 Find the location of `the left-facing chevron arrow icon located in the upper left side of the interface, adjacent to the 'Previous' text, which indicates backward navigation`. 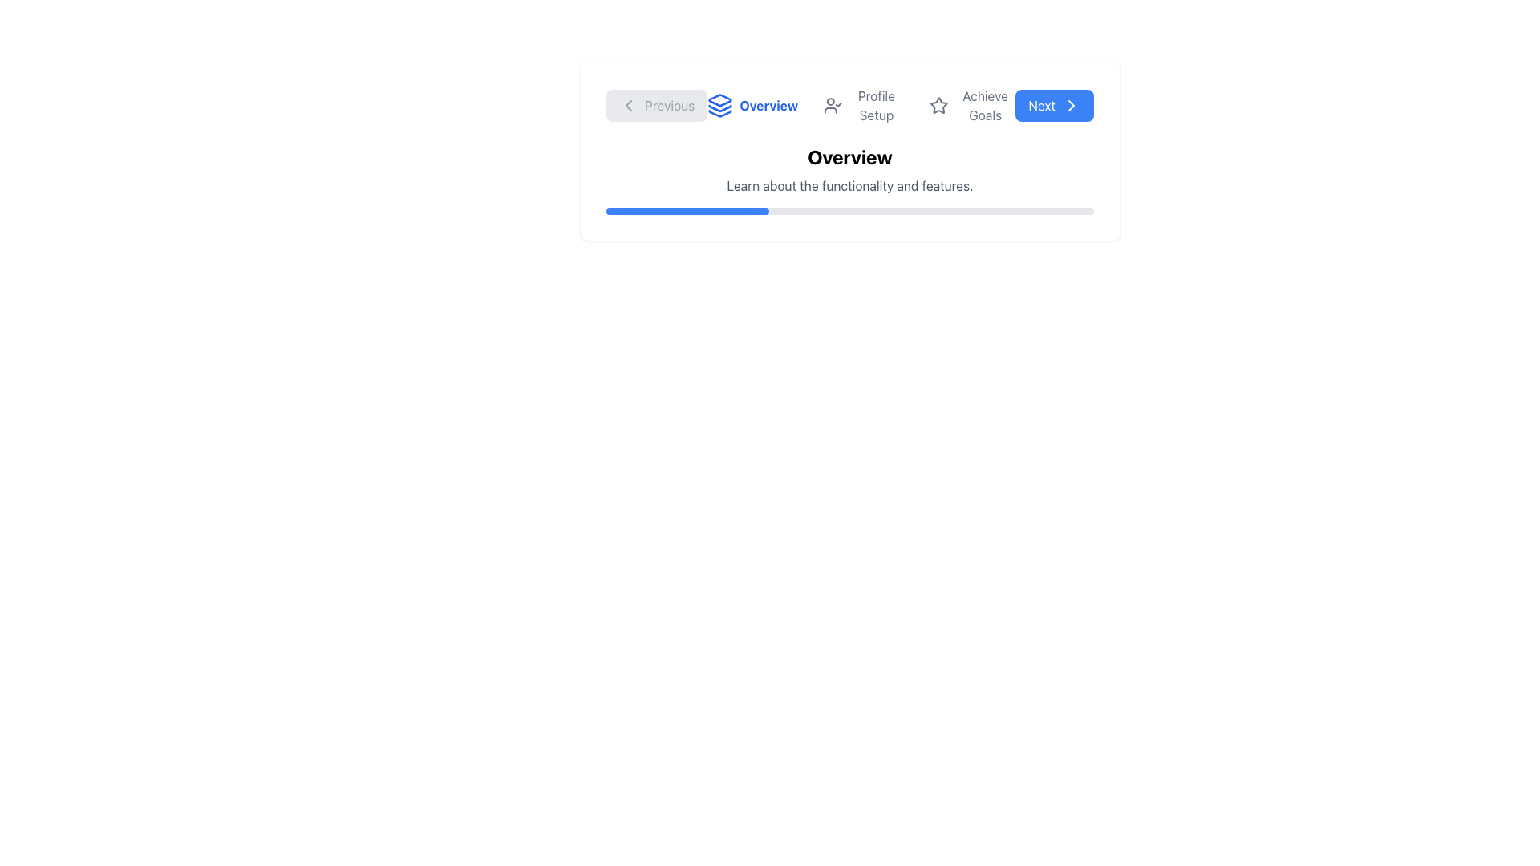

the left-facing chevron arrow icon located in the upper left side of the interface, adjacent to the 'Previous' text, which indicates backward navigation is located at coordinates (627, 105).